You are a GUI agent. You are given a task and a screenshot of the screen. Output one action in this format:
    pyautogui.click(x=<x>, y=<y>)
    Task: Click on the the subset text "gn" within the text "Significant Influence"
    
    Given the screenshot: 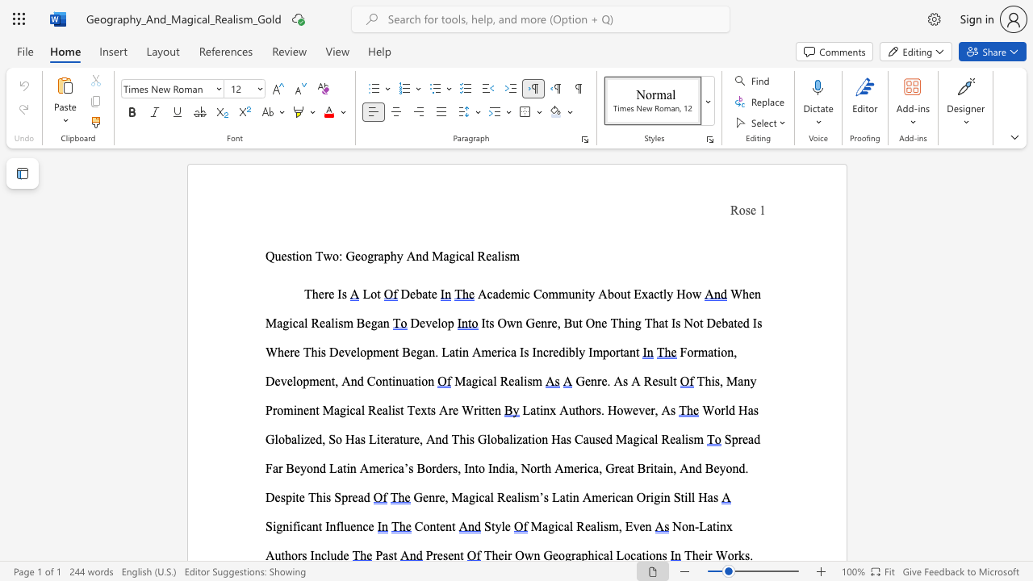 What is the action you would take?
    pyautogui.click(x=276, y=526)
    